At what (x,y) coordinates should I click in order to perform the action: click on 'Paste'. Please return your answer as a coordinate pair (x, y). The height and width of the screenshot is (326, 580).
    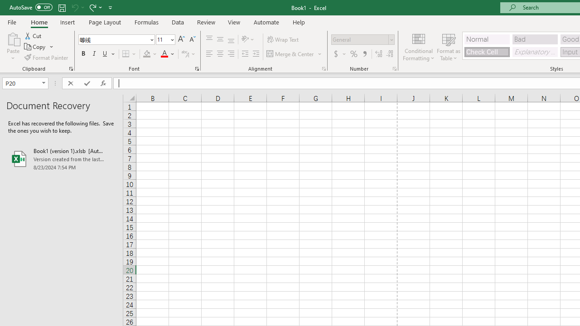
    Looking at the image, I should click on (13, 47).